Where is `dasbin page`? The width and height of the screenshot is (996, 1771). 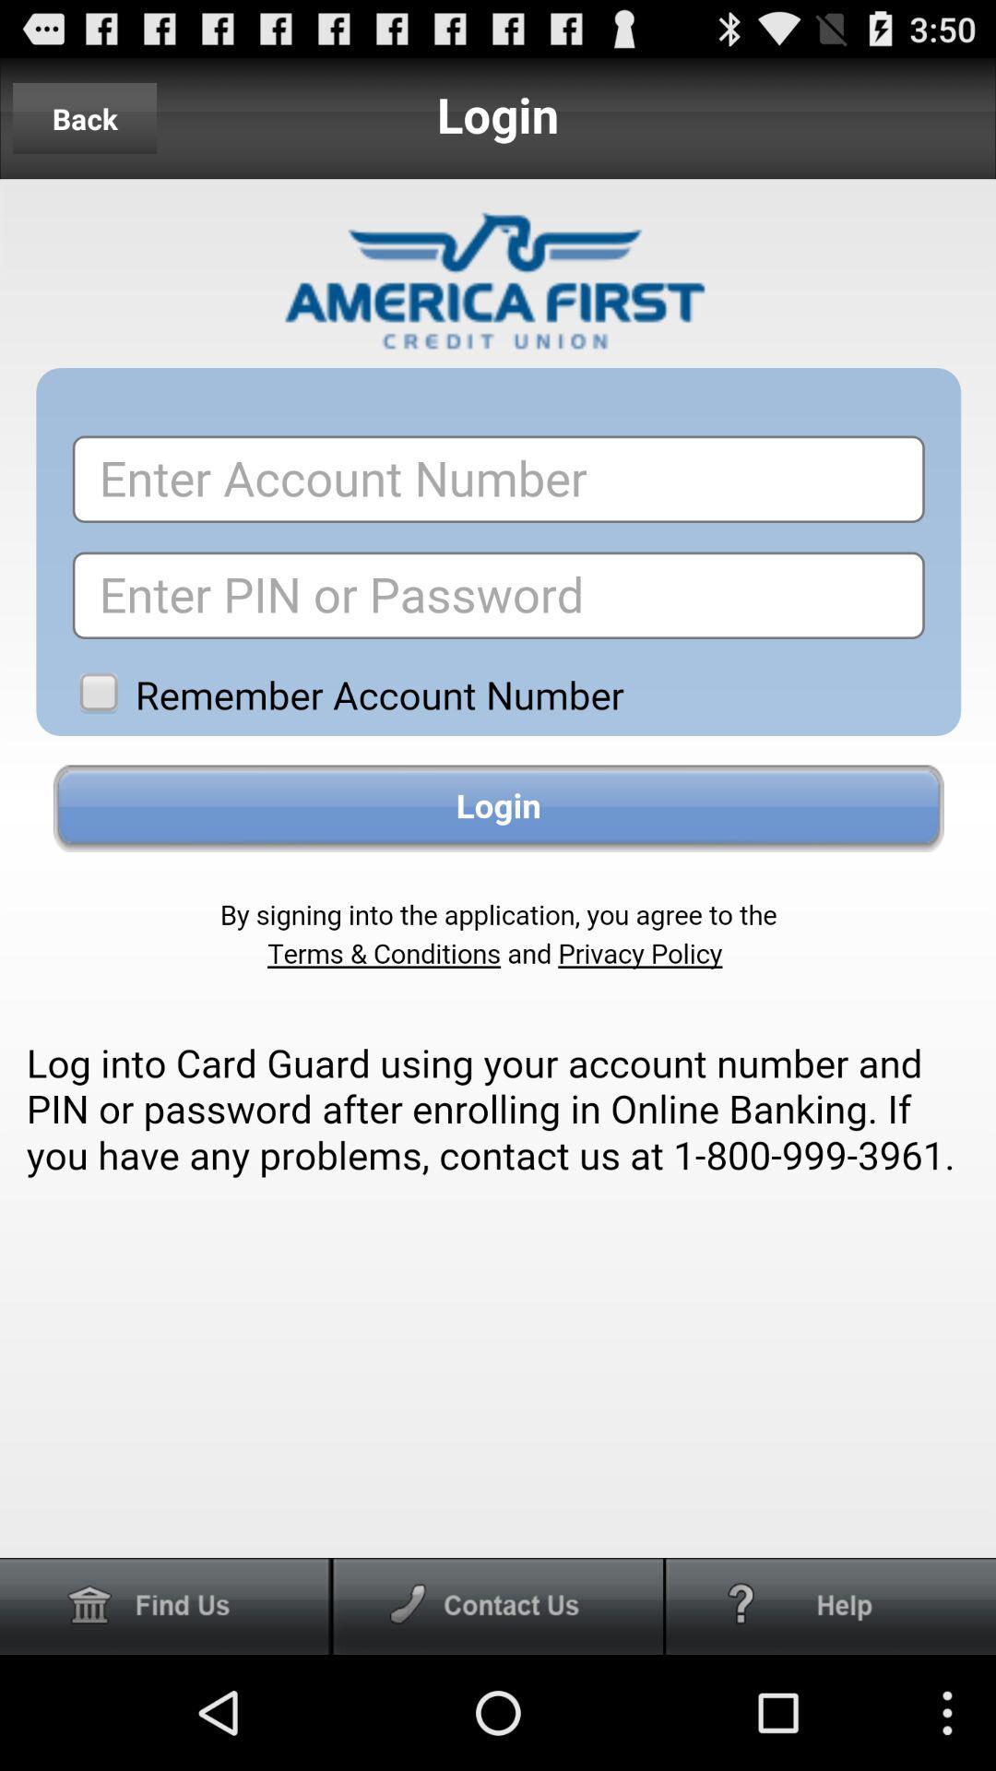 dasbin page is located at coordinates (164, 1605).